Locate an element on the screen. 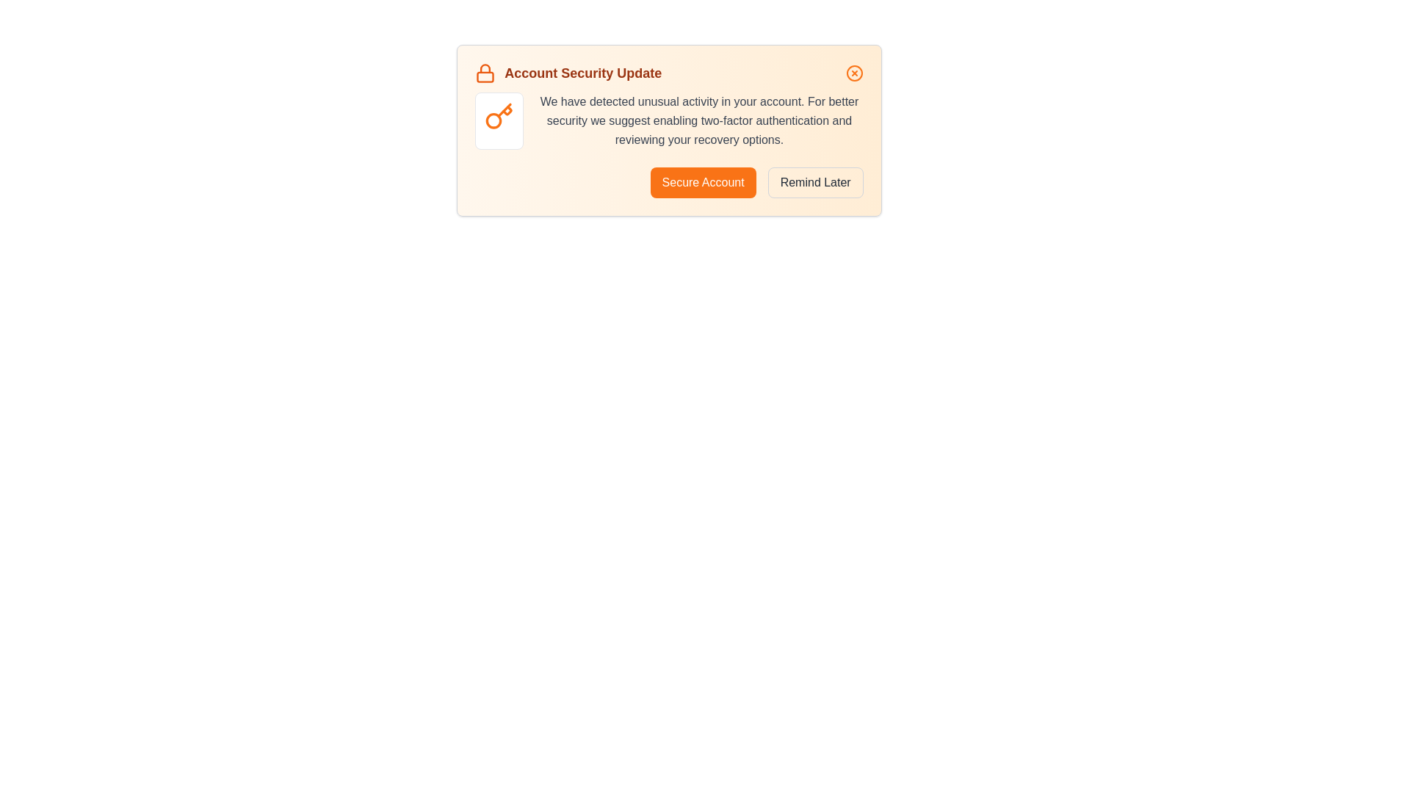 This screenshot has height=793, width=1410. the close button to close the alert is located at coordinates (854, 73).